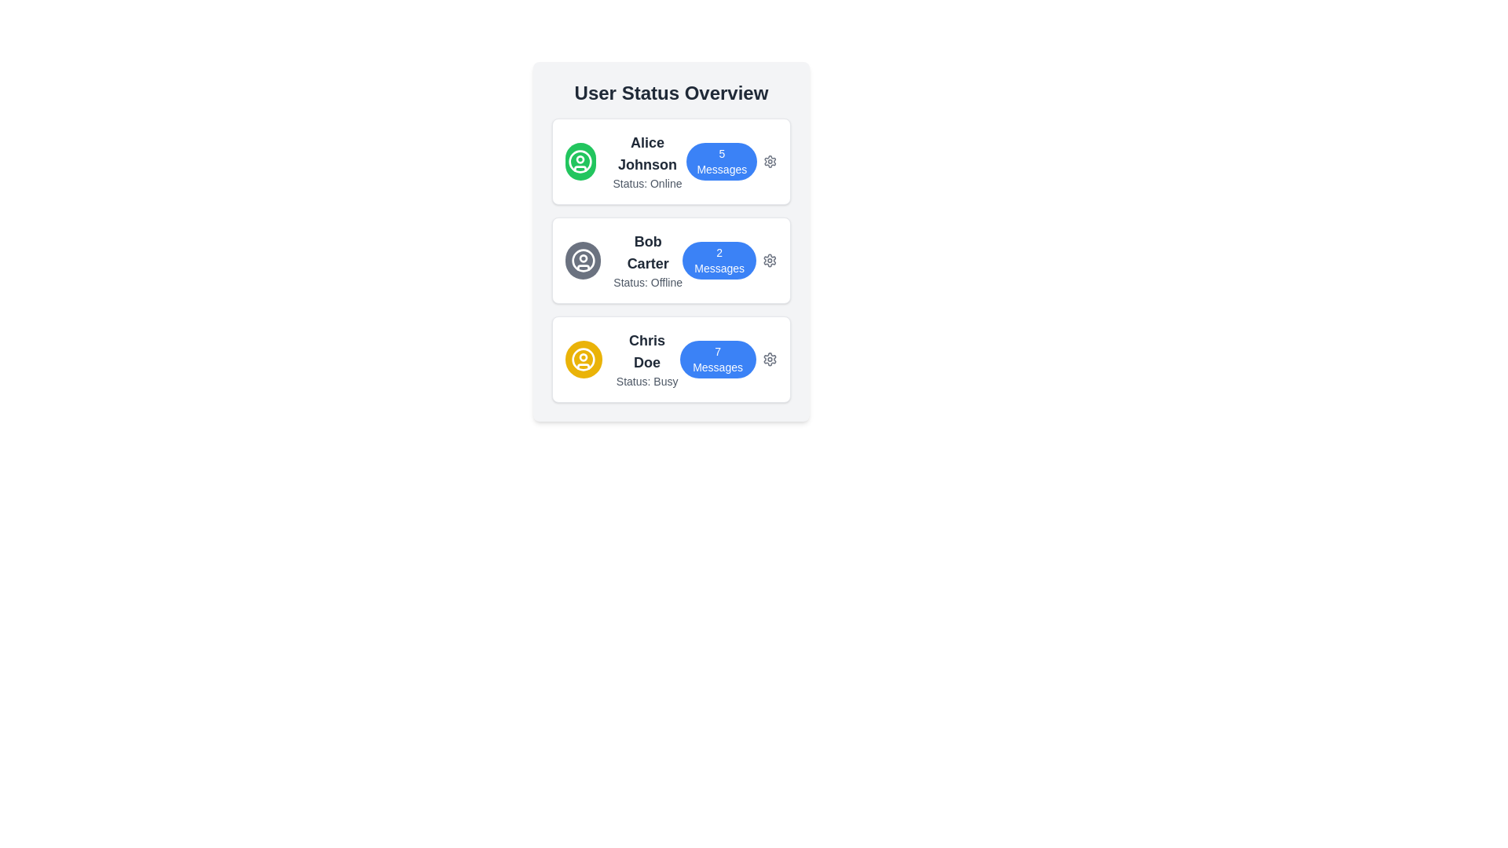 The image size is (1508, 848). Describe the element at coordinates (647, 154) in the screenshot. I see `the text label displaying the name 'Alice Johnson', which serves as an identifier for the user in the profile list` at that location.